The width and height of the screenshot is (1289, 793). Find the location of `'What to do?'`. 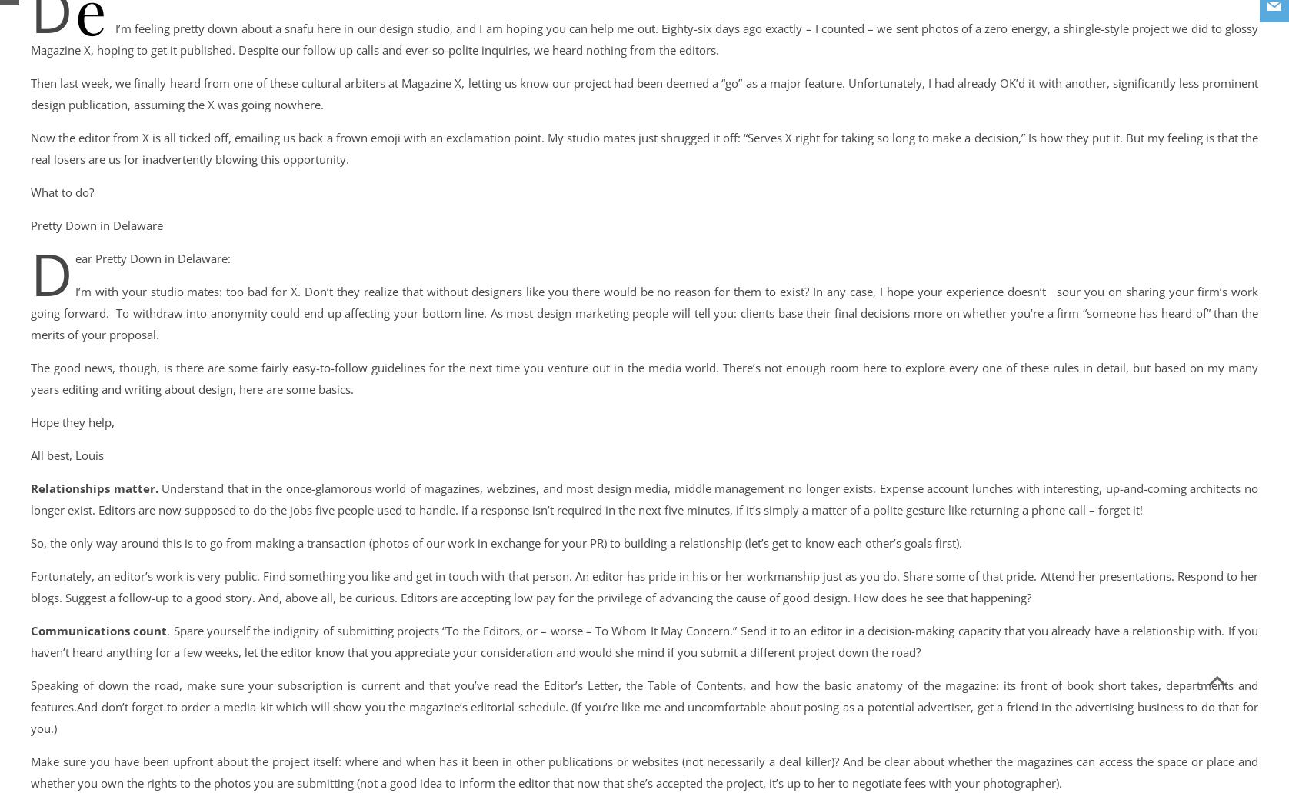

'What to do?' is located at coordinates (62, 192).